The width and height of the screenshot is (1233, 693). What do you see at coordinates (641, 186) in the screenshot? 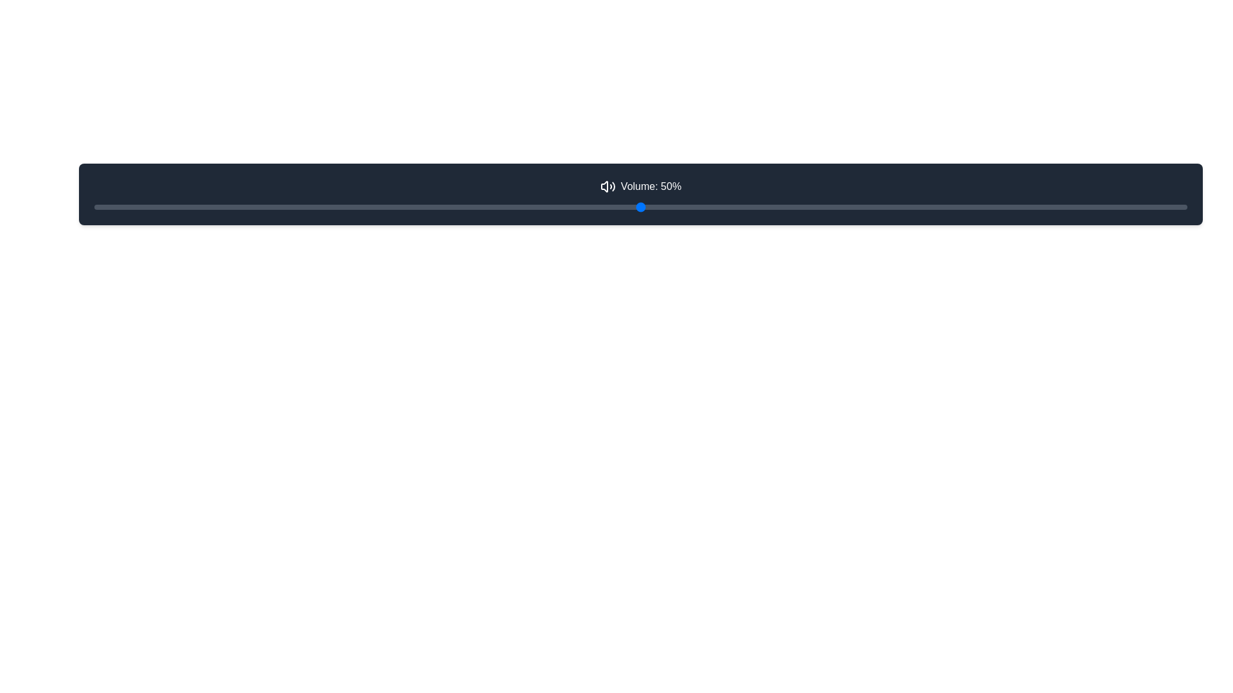
I see `the Text label displaying 'Volume: 50%' with a speaker icon` at bounding box center [641, 186].